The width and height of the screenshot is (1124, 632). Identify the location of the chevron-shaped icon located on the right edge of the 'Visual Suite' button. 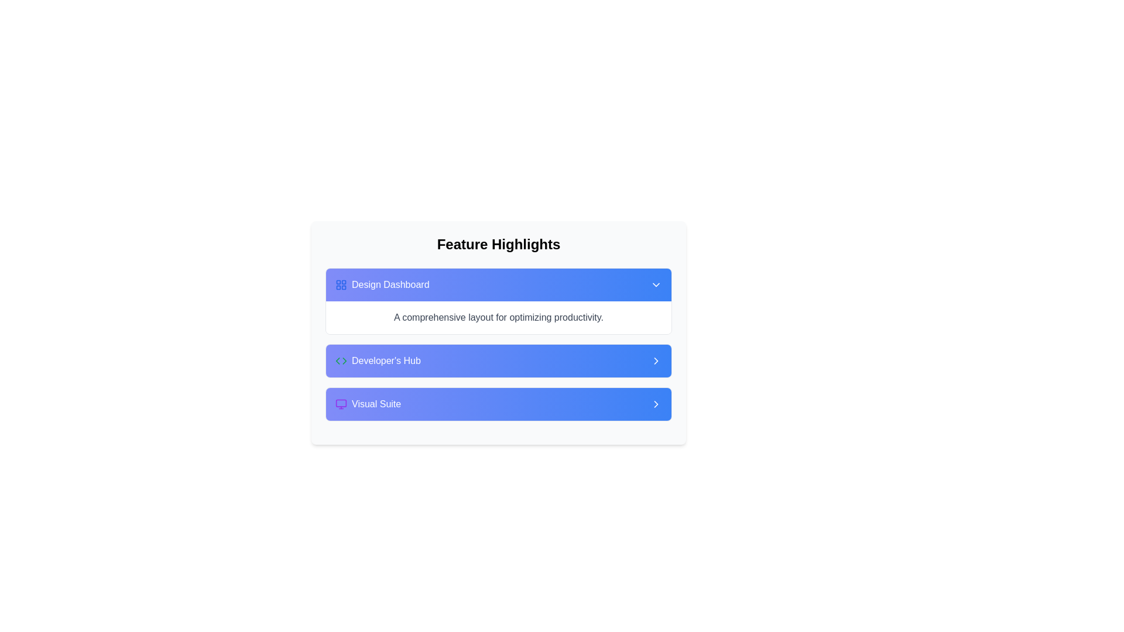
(656, 403).